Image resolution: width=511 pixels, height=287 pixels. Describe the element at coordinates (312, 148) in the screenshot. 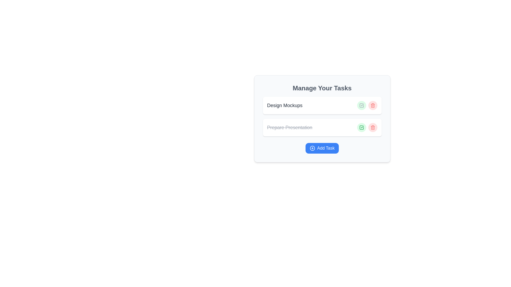

I see `the decorative Circle SVG element that is part of the 'Add' icon located in the bottom center of the task management panel, just above the 'Add Task' button` at that location.